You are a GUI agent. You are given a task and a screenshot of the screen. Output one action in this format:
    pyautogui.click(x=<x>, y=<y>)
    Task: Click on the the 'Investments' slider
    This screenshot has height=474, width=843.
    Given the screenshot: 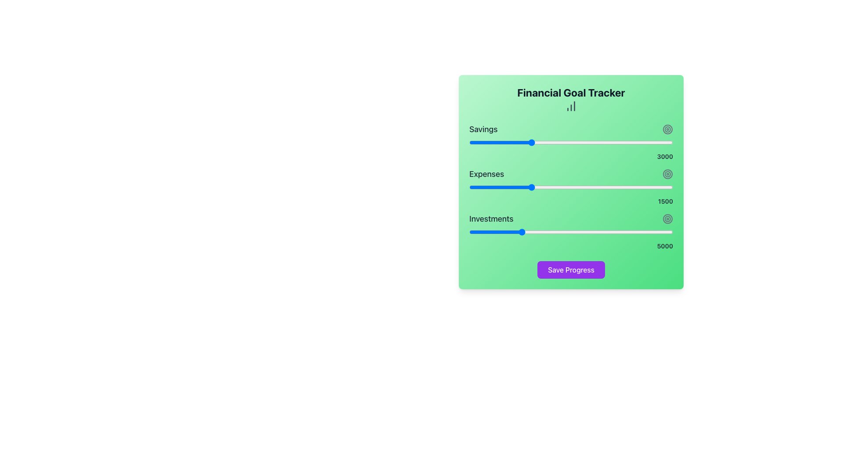 What is the action you would take?
    pyautogui.click(x=582, y=231)
    